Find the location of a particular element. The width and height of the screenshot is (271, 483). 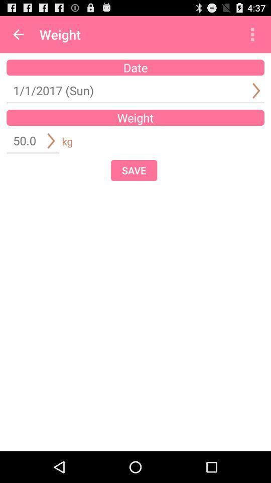

the icon above date icon is located at coordinates (252, 34).